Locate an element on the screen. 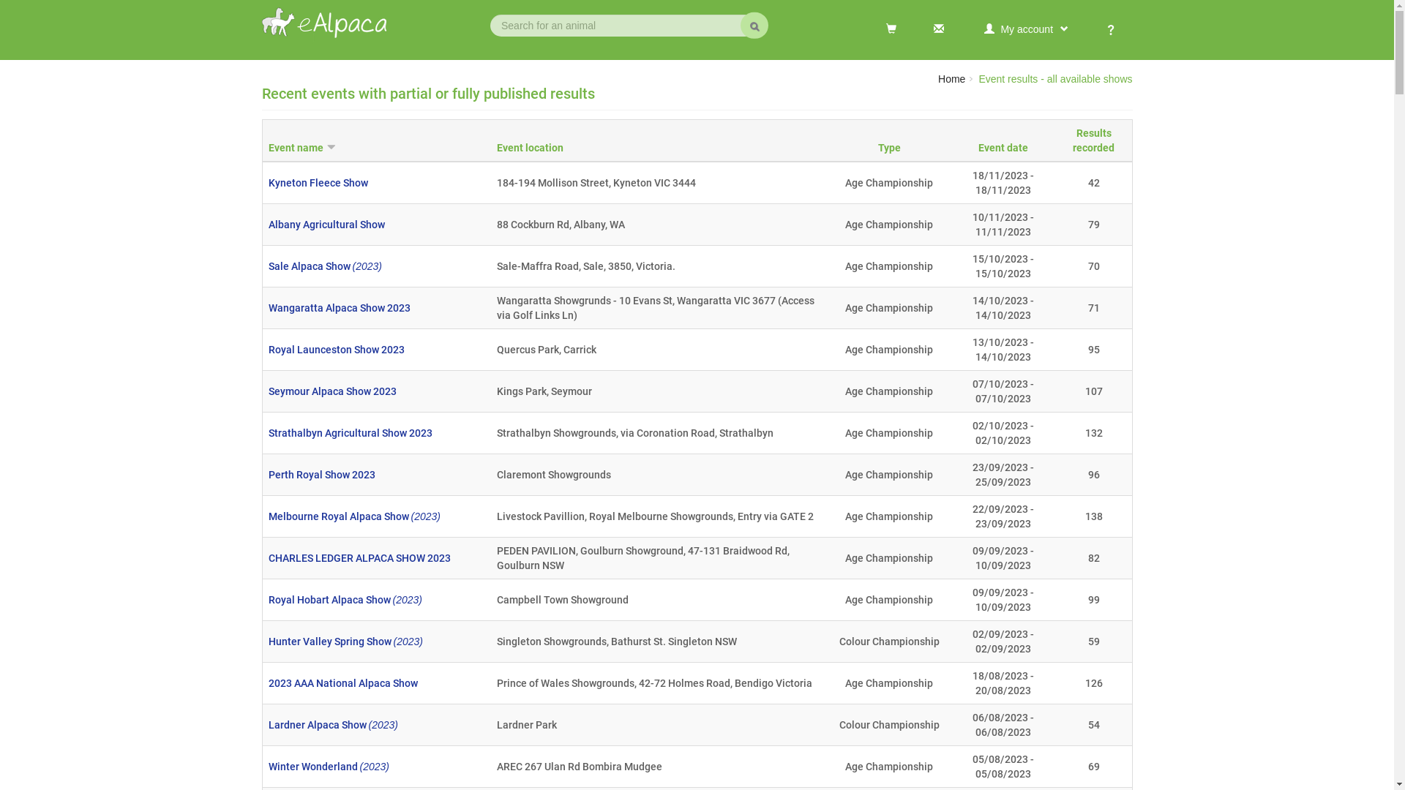 The width and height of the screenshot is (1405, 790). 'Home' is located at coordinates (937, 79).